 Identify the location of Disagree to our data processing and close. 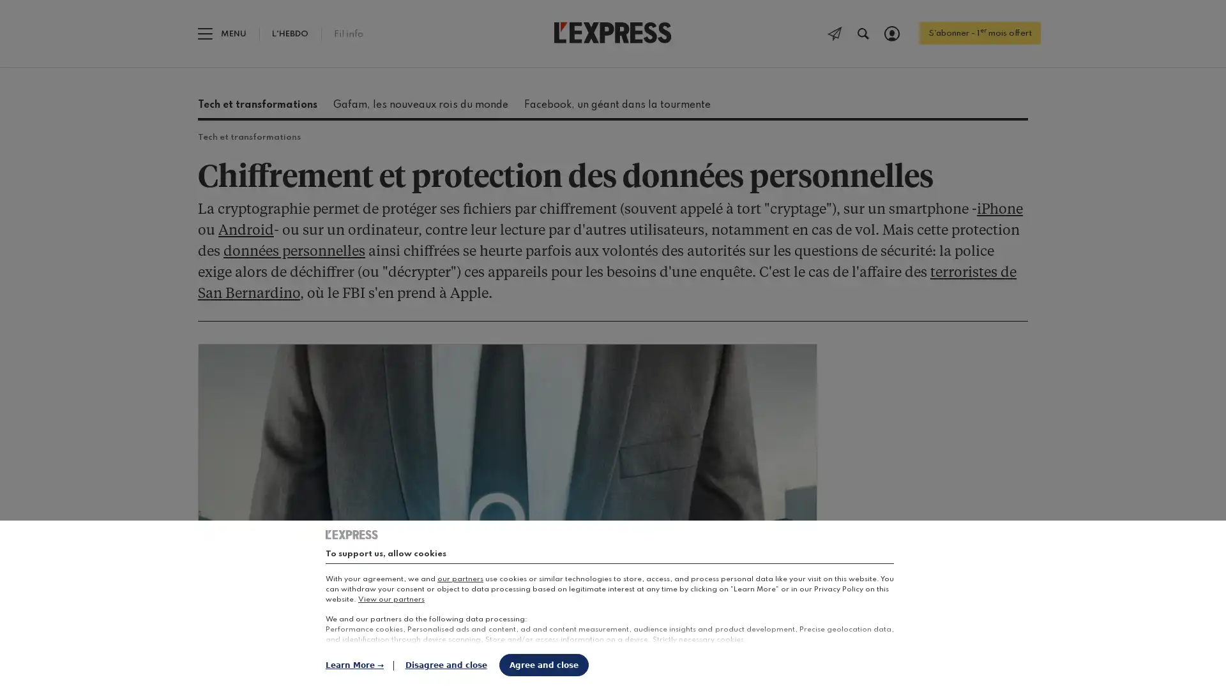
(446, 664).